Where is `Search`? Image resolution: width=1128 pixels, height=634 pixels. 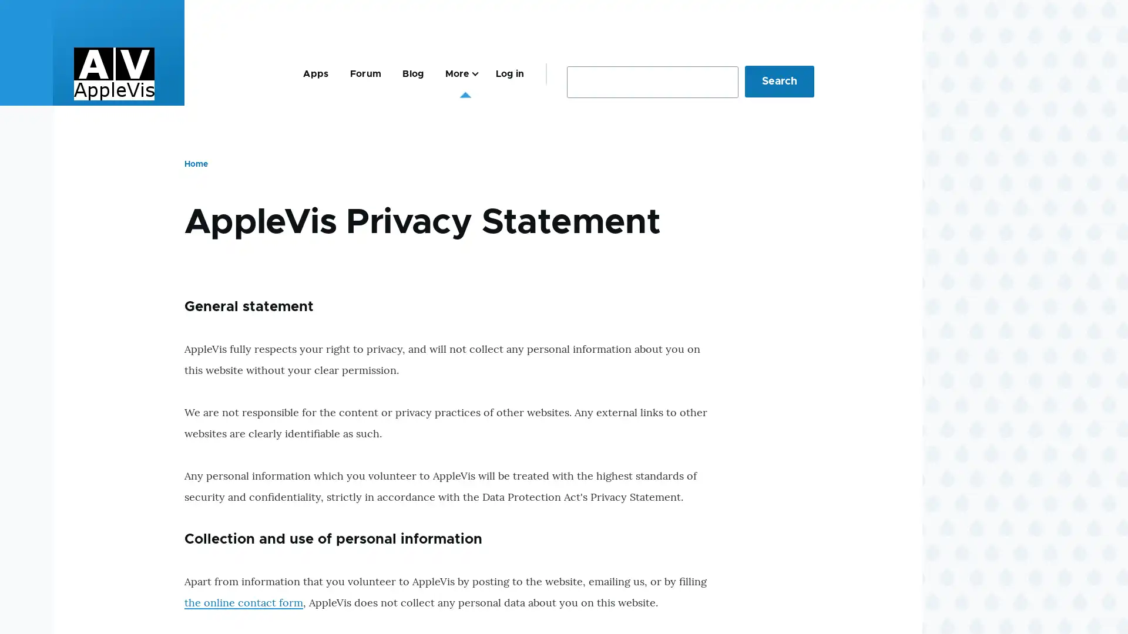
Search is located at coordinates (779, 80).